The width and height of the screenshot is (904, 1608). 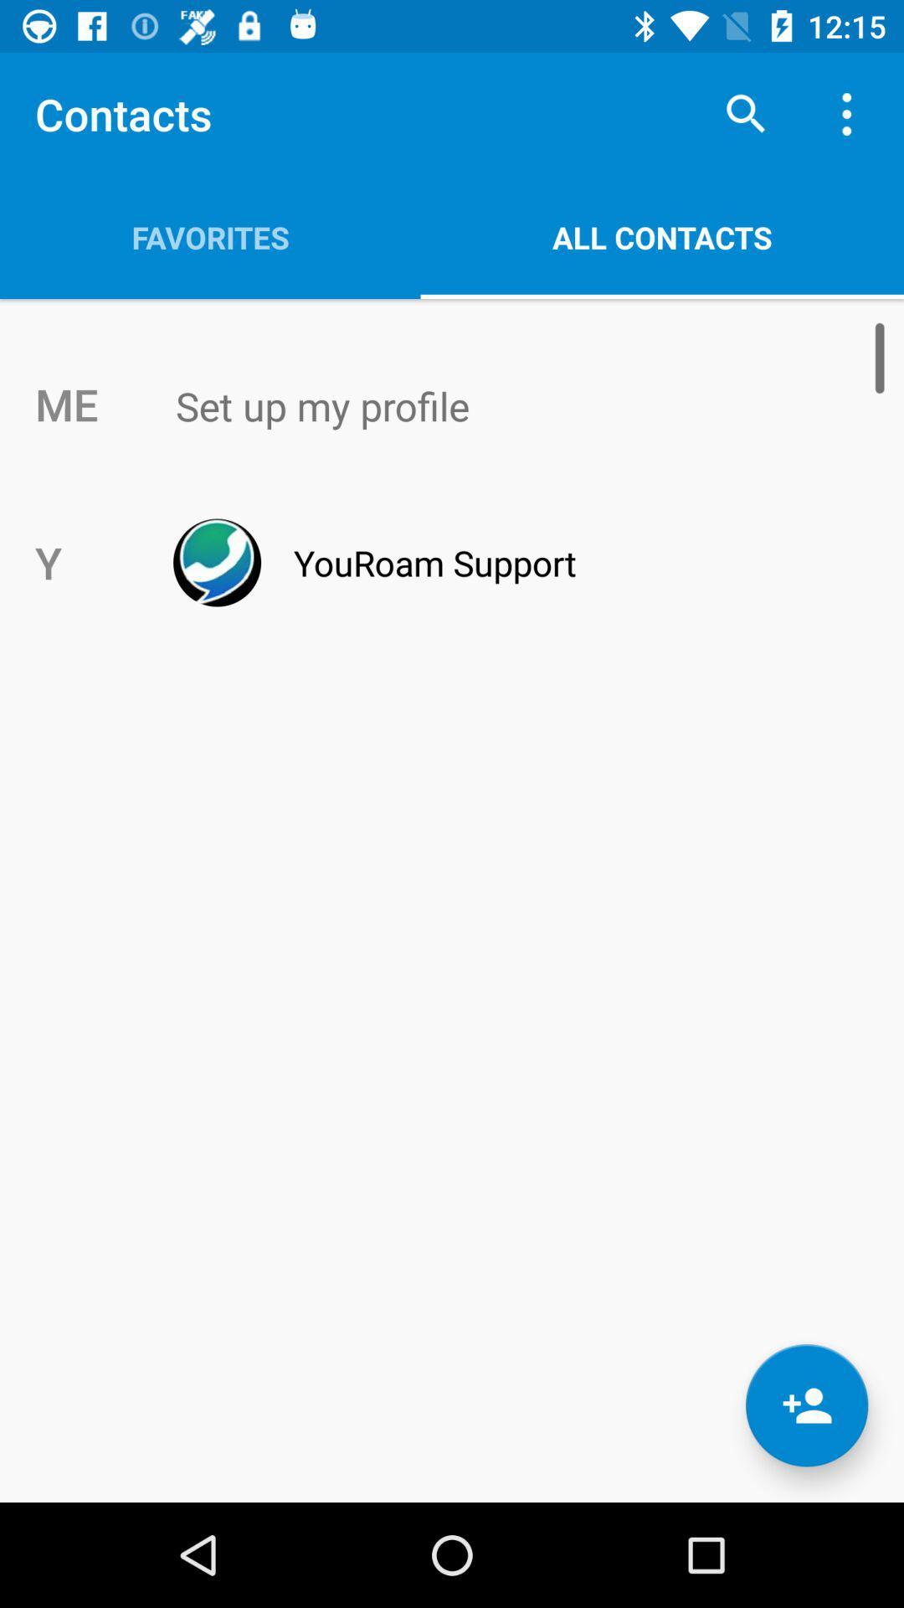 What do you see at coordinates (806, 1405) in the screenshot?
I see `the follow icon` at bounding box center [806, 1405].